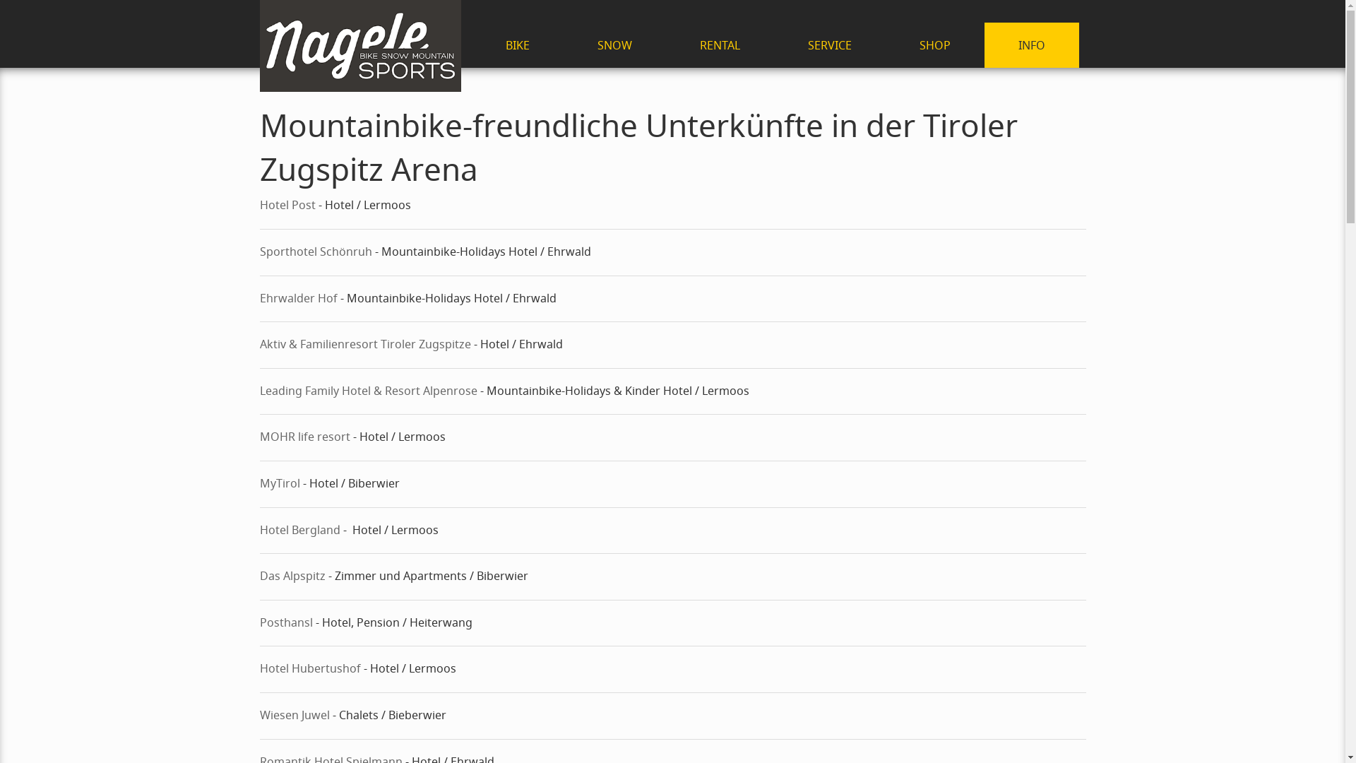 The width and height of the screenshot is (1356, 763). Describe the element at coordinates (299, 529) in the screenshot. I see `'Hotel Bergland'` at that location.